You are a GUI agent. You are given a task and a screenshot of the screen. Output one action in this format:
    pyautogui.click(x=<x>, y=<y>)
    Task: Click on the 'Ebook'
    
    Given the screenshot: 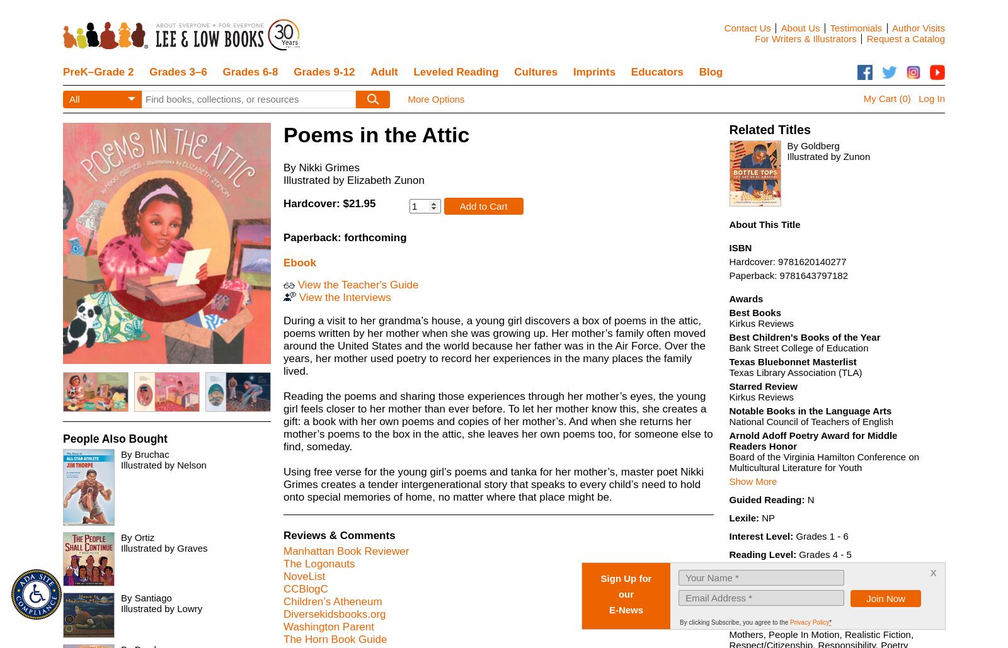 What is the action you would take?
    pyautogui.click(x=299, y=262)
    